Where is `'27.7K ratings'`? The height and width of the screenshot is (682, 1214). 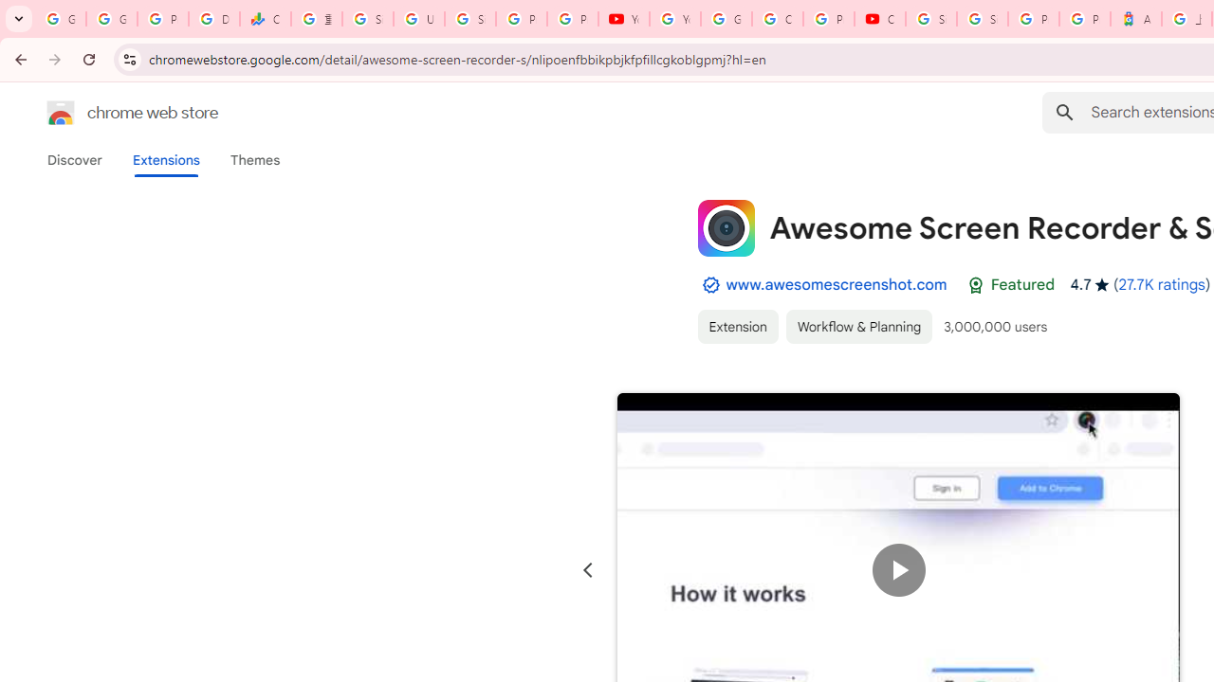
'27.7K ratings' is located at coordinates (1160, 284).